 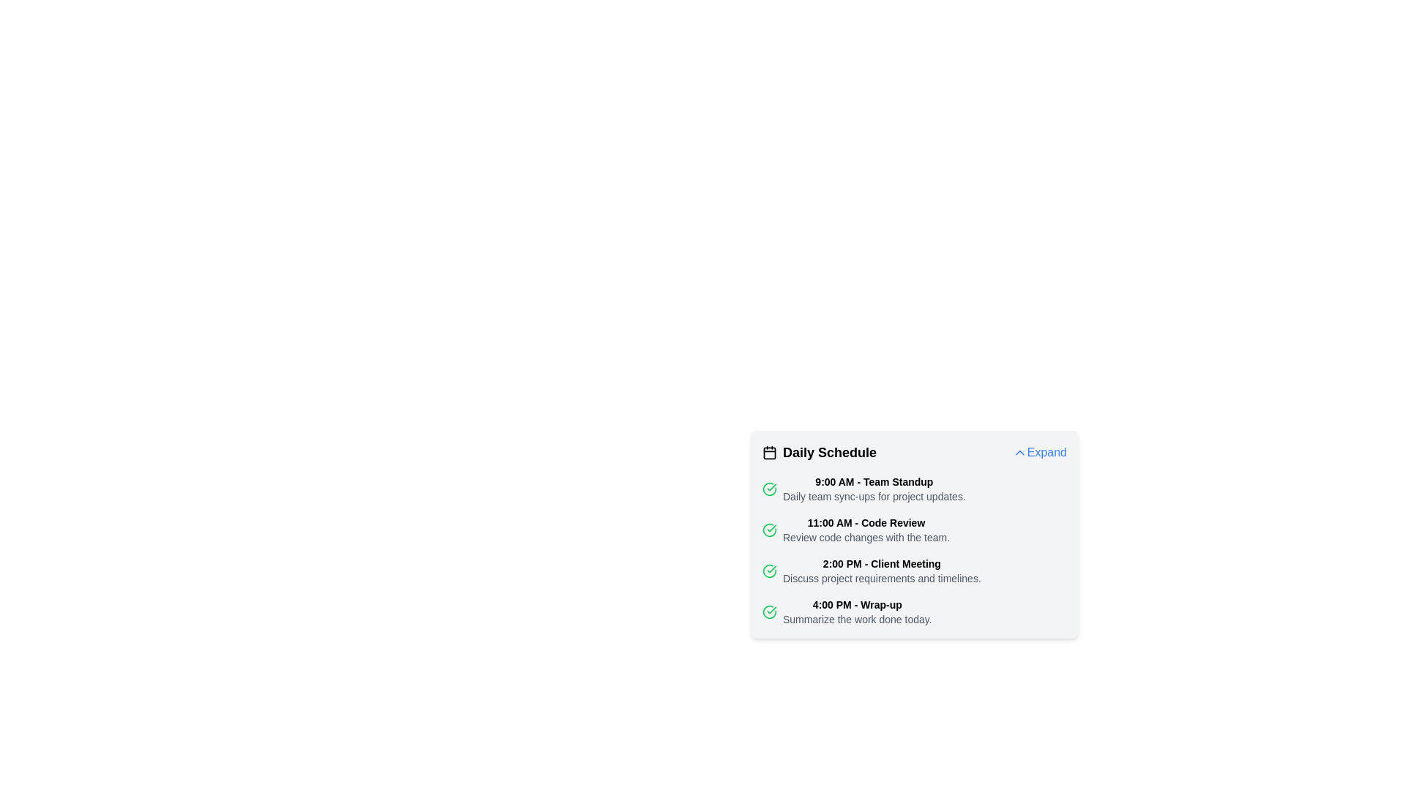 What do you see at coordinates (829, 451) in the screenshot?
I see `the 'Daily Schedule' text label that is bold and large, located near the top of the schedule widget, and positioned to the right of a calendar icon` at bounding box center [829, 451].